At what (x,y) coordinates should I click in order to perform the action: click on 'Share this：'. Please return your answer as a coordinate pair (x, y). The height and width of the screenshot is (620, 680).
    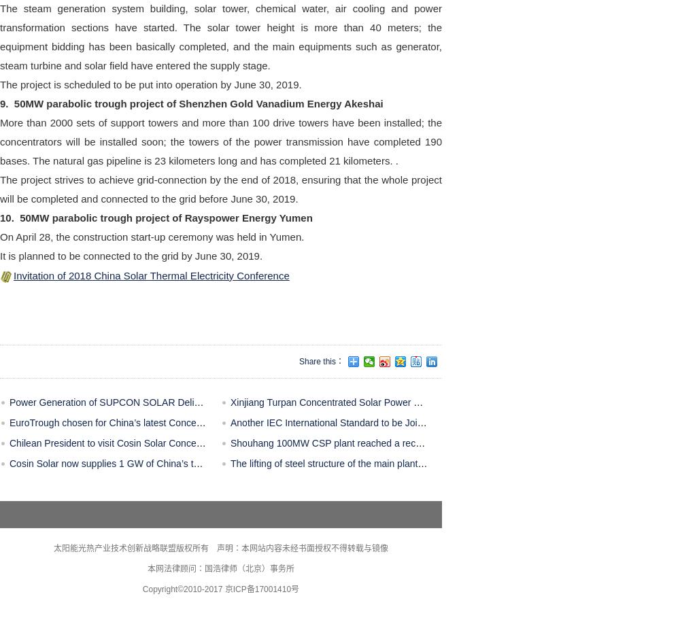
    Looking at the image, I should click on (320, 360).